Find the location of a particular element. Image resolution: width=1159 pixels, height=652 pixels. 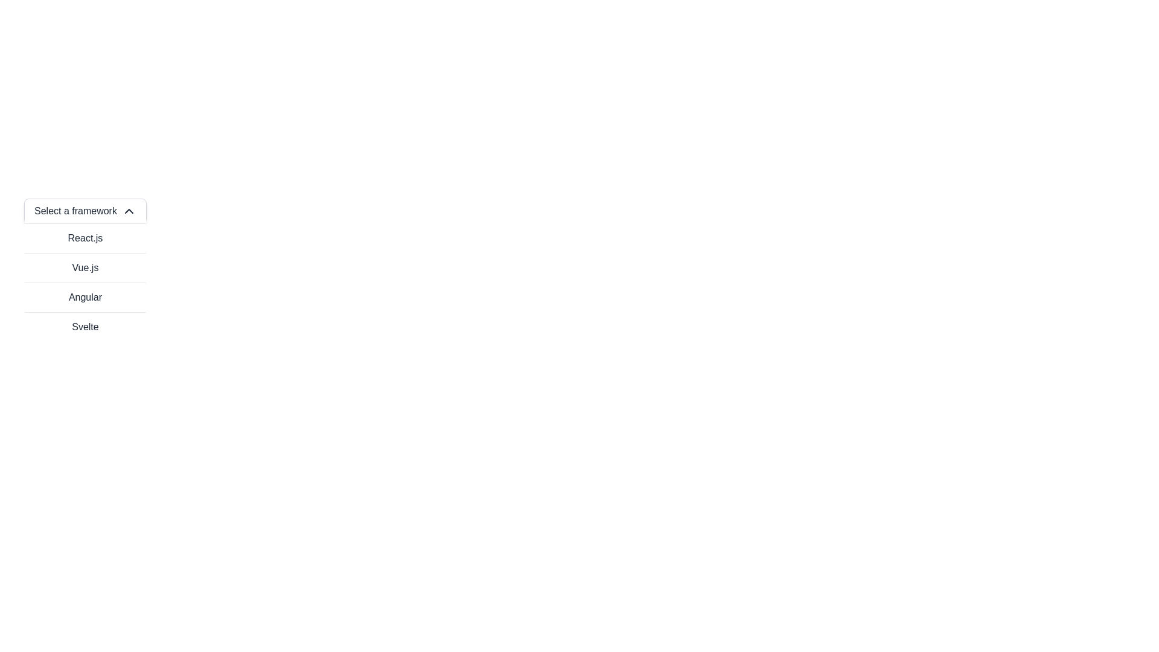

the 'Vue.js' button in the dropdown menu is located at coordinates (85, 282).